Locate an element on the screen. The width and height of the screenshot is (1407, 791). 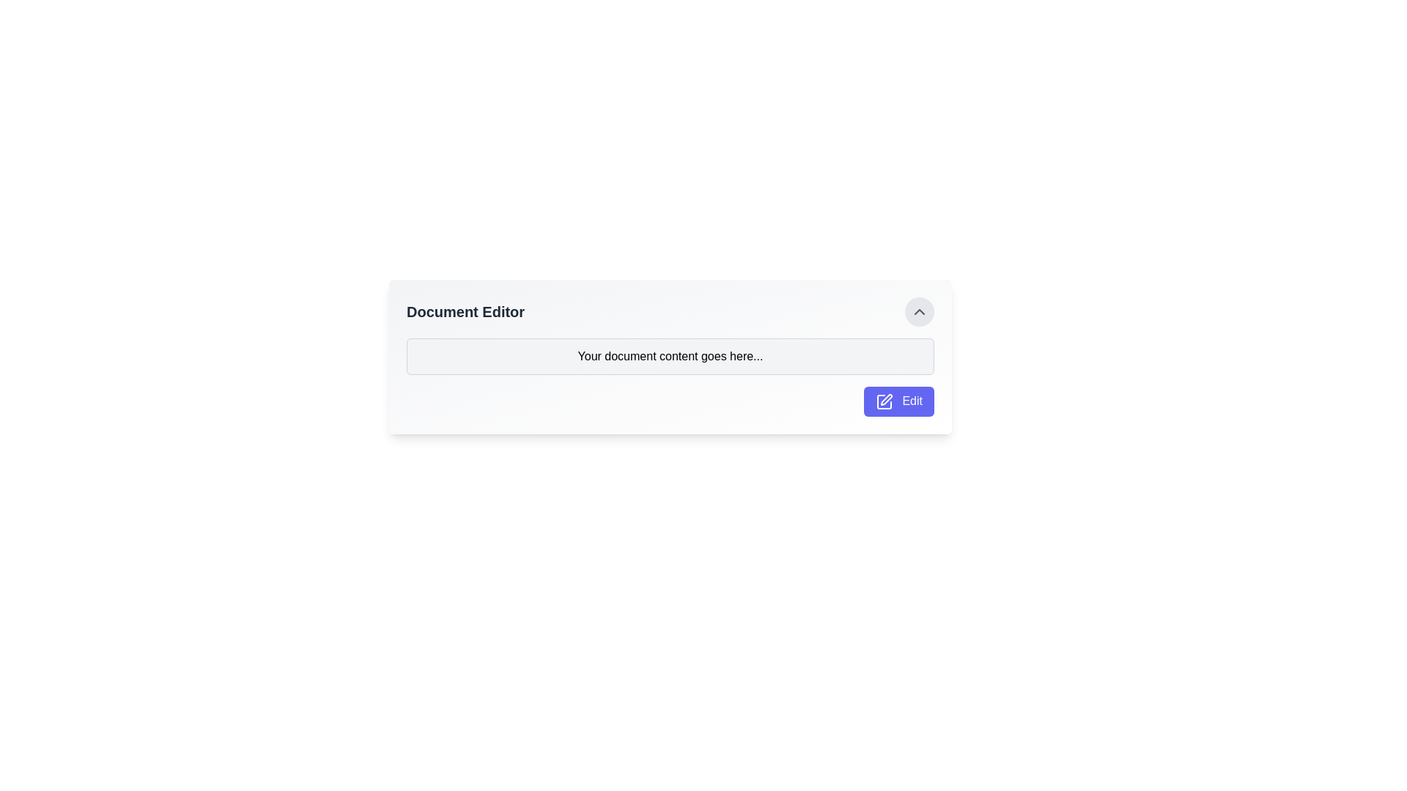
the edit button located at the bottom-right corner of the 'Document Editor' section is located at coordinates (898, 401).